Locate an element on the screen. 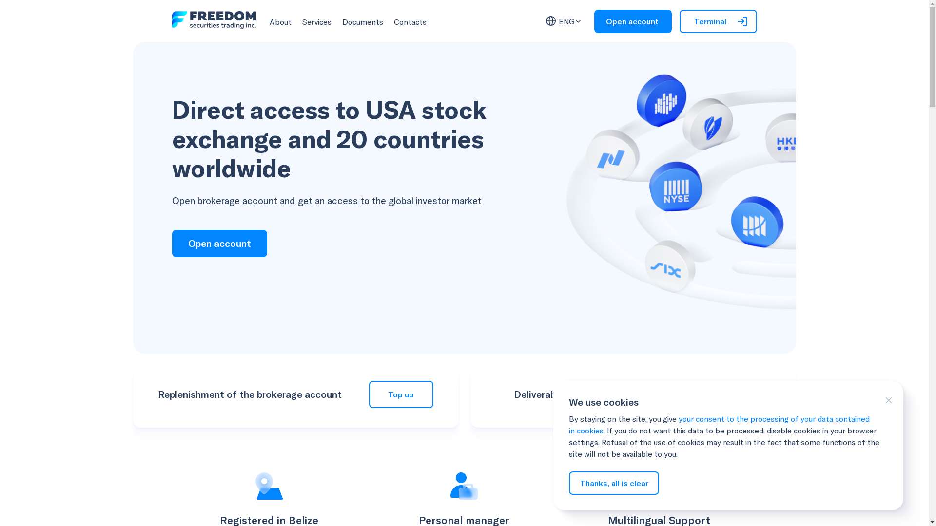 The width and height of the screenshot is (936, 526). 'Thanks, all is clear' is located at coordinates (613, 483).